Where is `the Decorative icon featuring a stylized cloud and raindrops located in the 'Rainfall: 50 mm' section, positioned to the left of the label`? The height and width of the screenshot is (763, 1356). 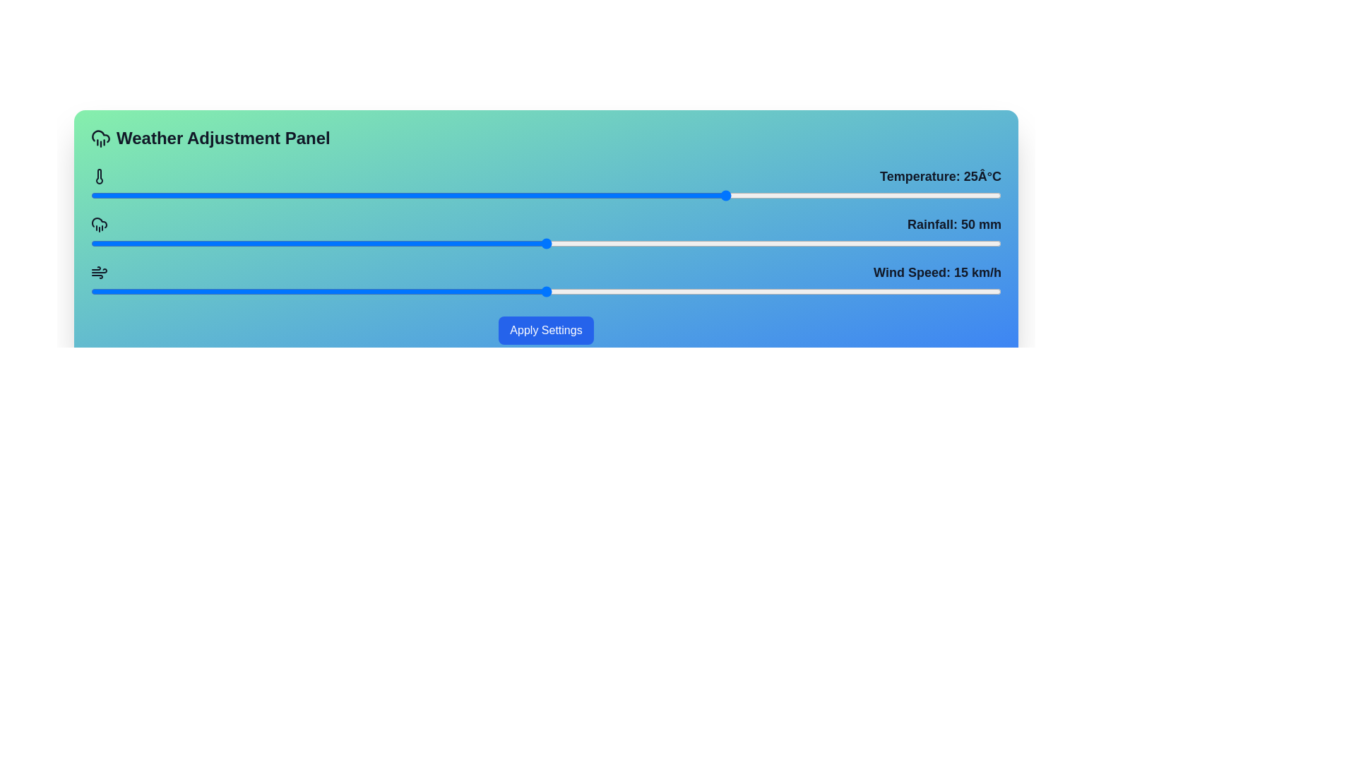 the Decorative icon featuring a stylized cloud and raindrops located in the 'Rainfall: 50 mm' section, positioned to the left of the label is located at coordinates (98, 223).